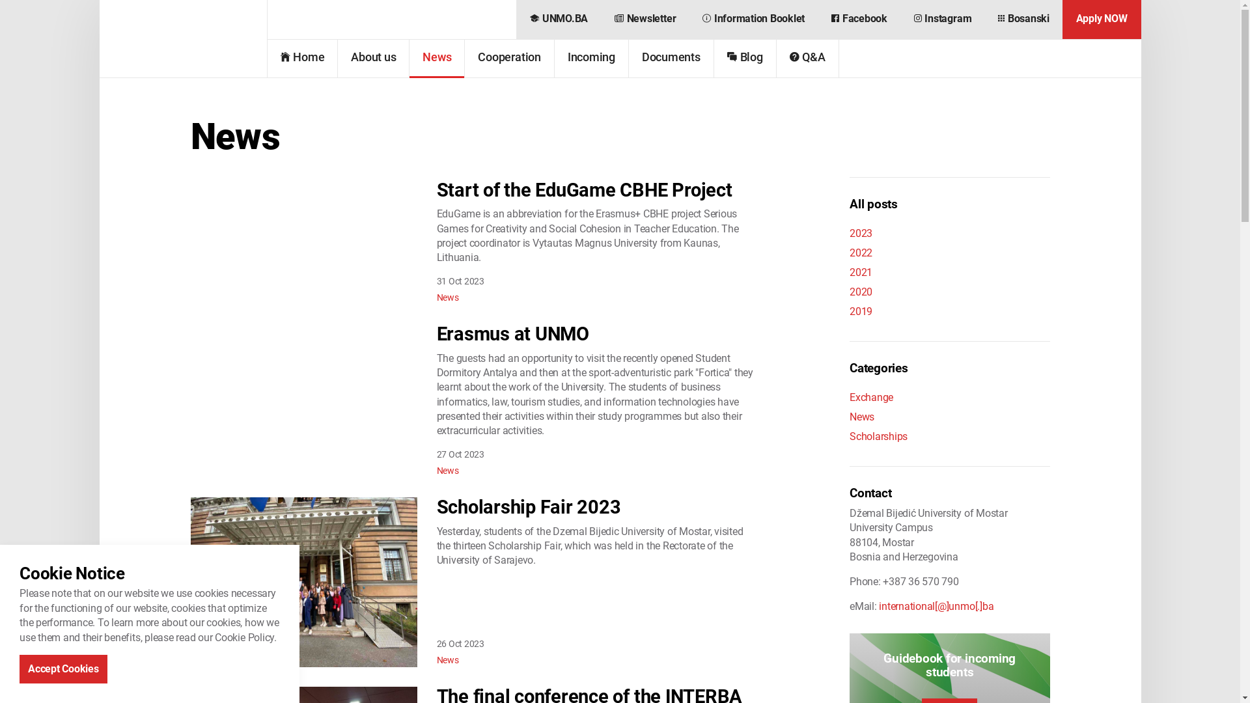 This screenshot has height=703, width=1250. I want to click on 'UNMO.BA', so click(515, 20).